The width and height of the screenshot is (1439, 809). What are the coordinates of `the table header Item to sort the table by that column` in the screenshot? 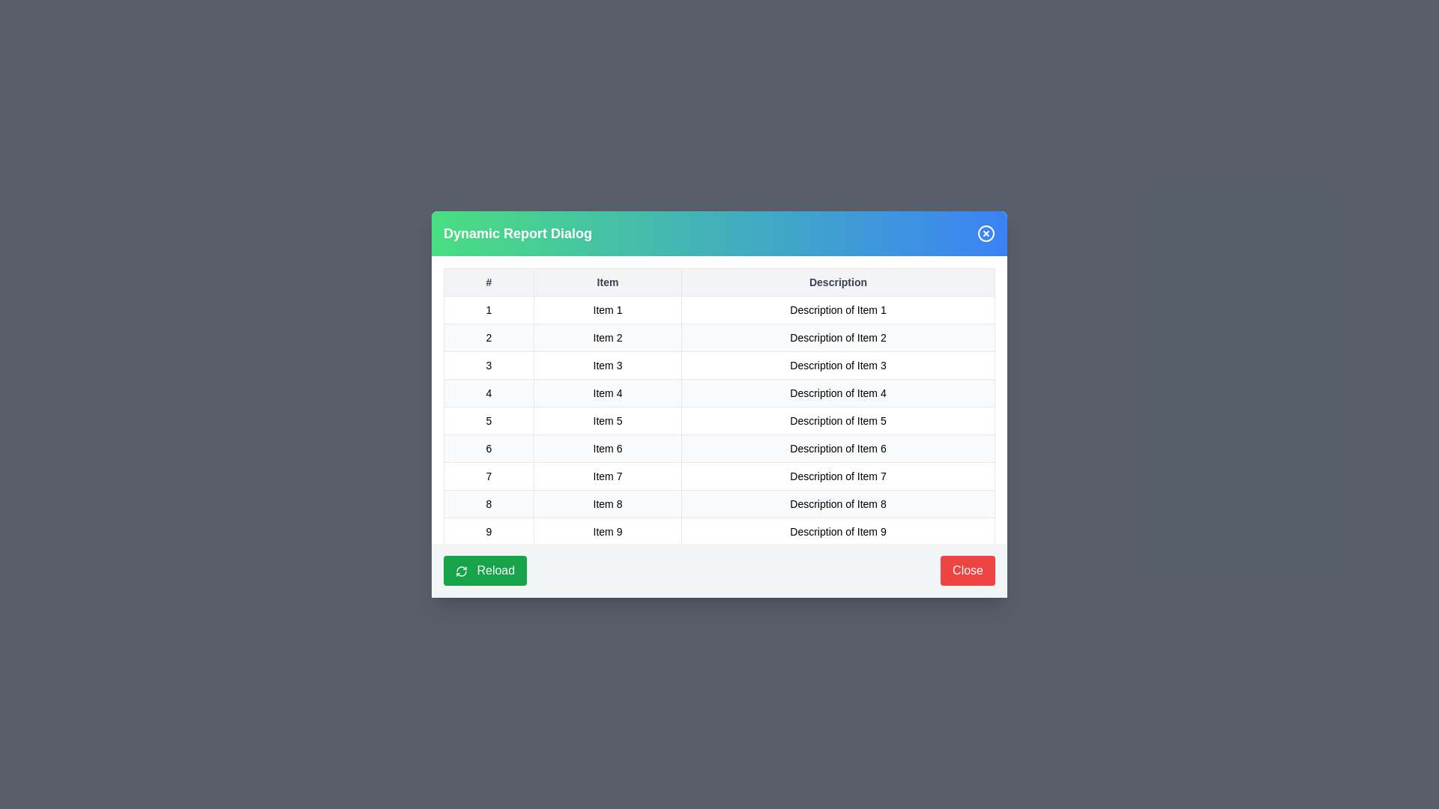 It's located at (608, 282).